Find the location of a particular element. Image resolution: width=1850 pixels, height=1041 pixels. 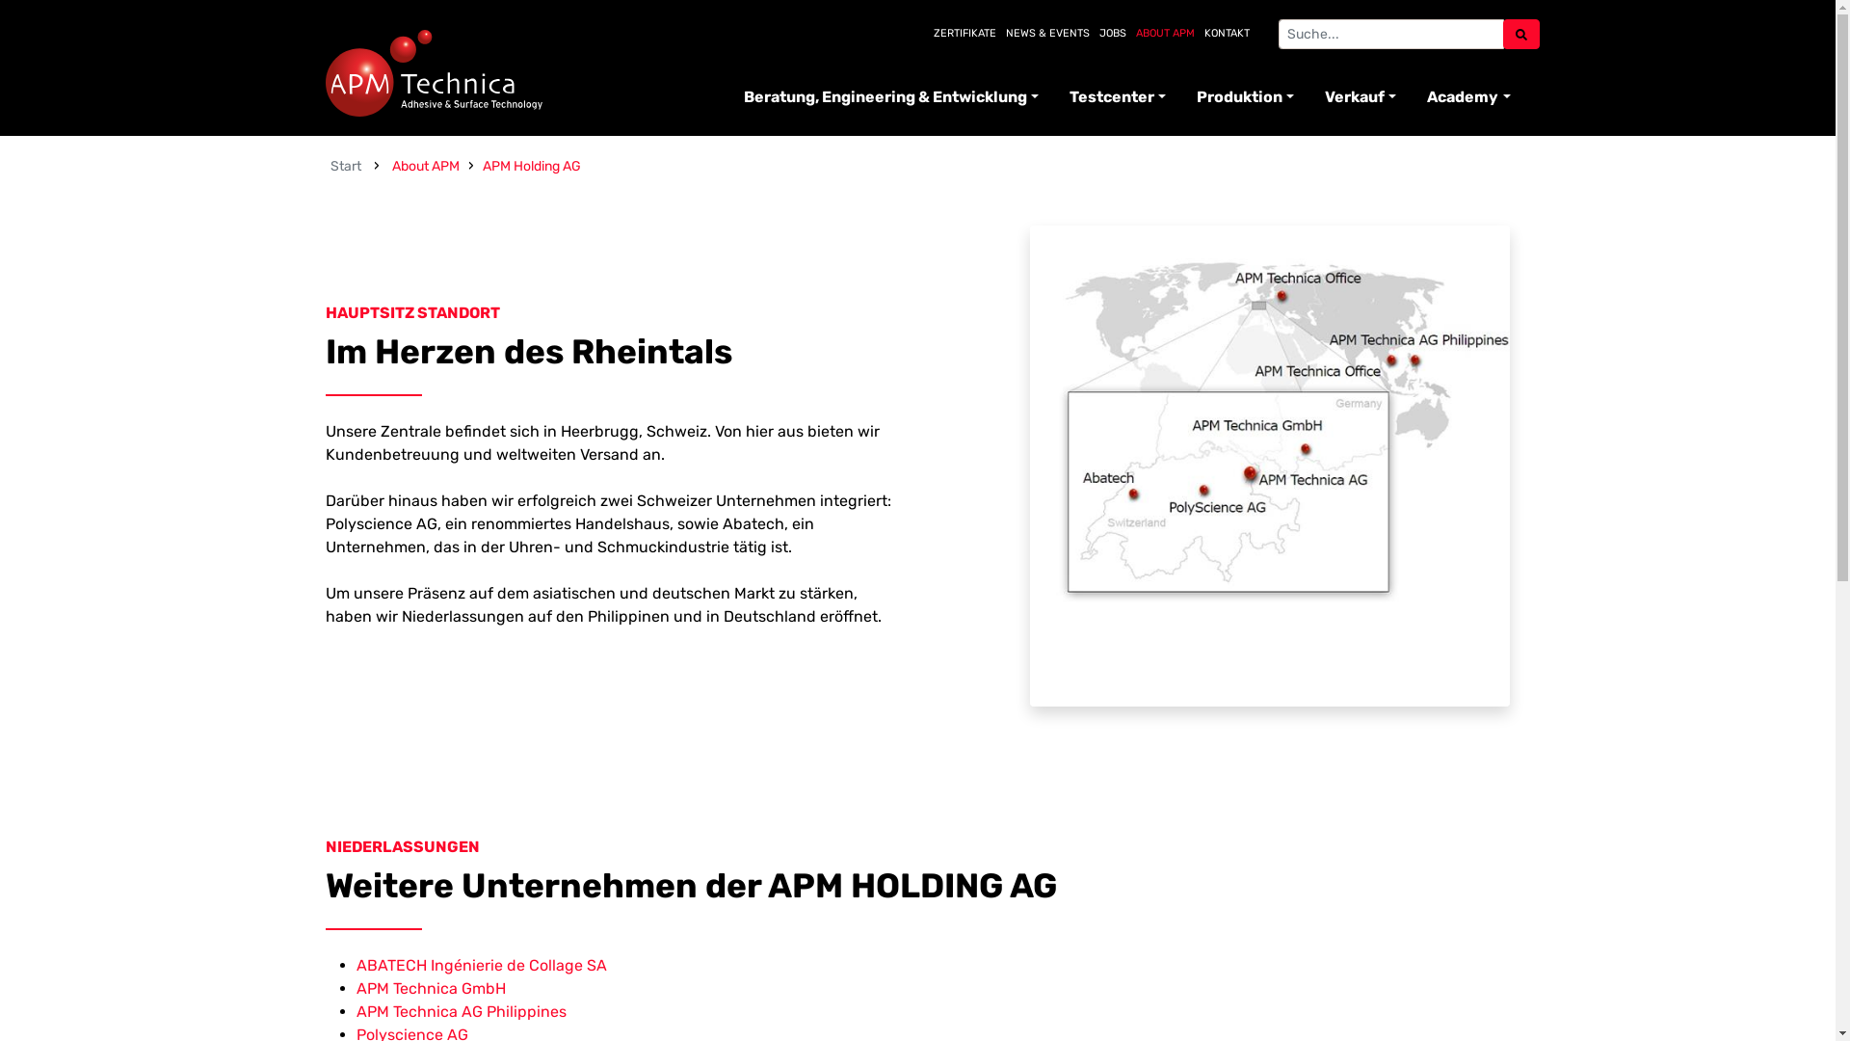

'APM Technica AG Philippines' is located at coordinates (461, 1010).